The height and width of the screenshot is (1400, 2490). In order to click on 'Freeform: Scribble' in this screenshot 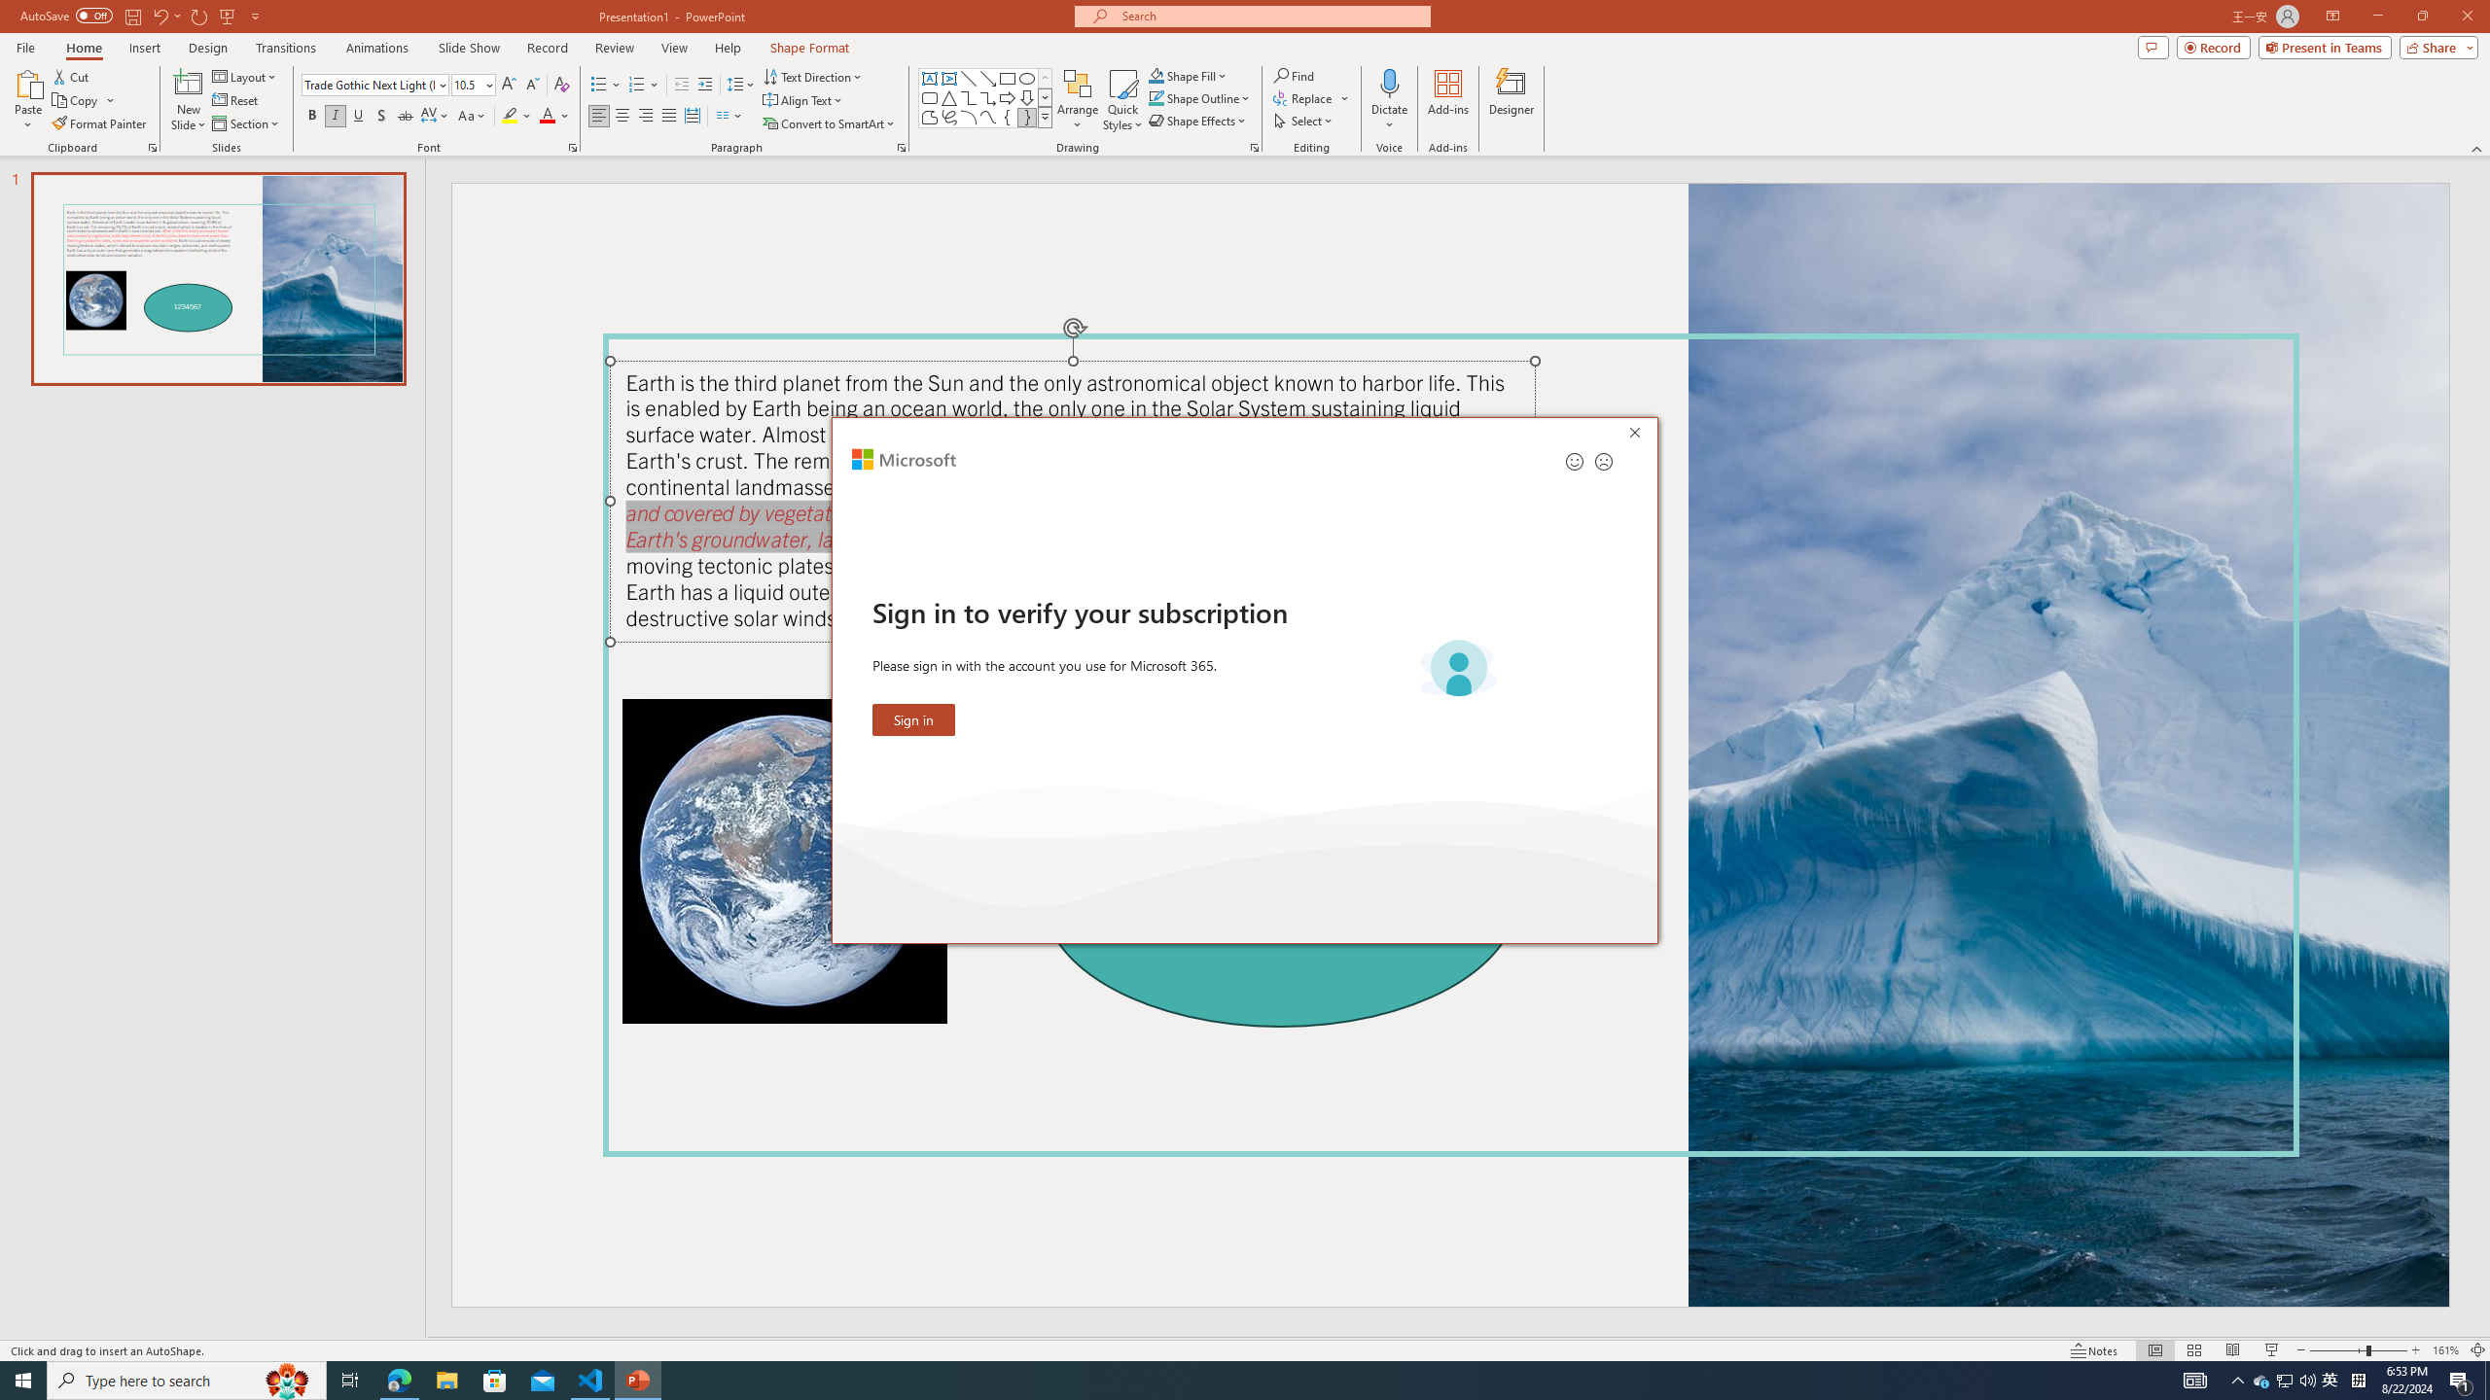, I will do `click(947, 116)`.